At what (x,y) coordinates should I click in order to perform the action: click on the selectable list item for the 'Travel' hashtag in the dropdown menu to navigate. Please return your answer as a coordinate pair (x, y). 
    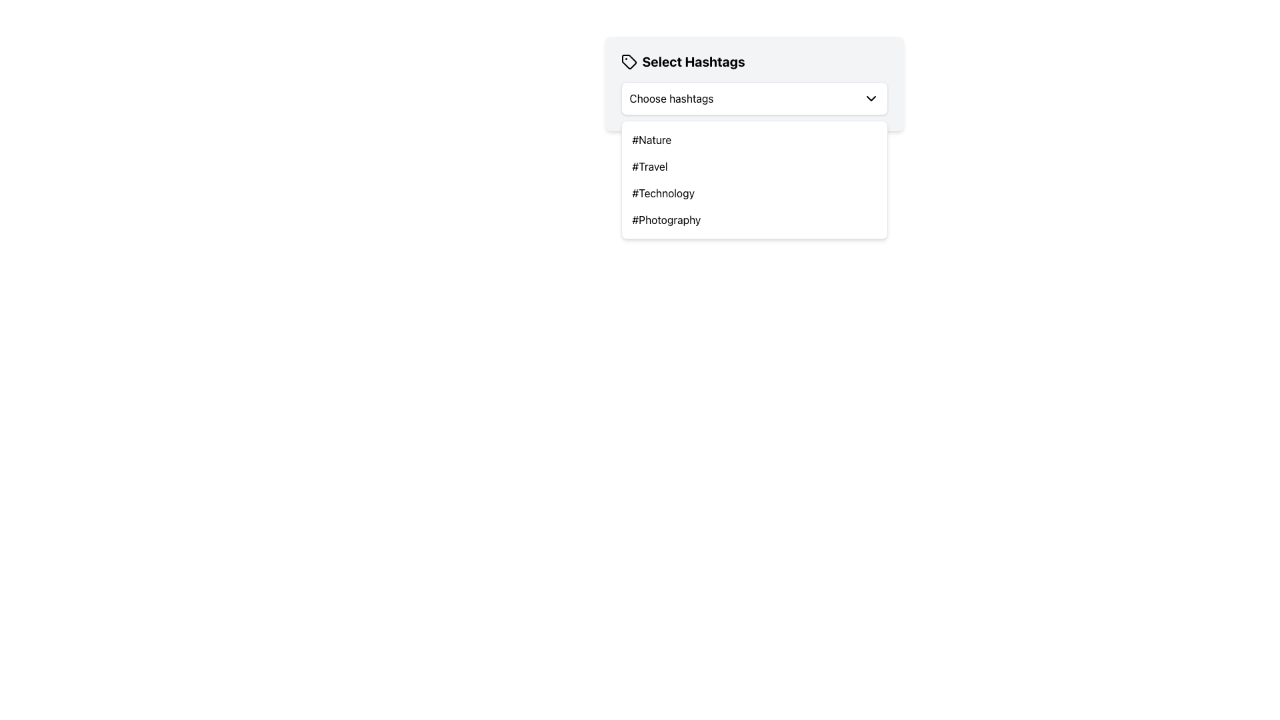
    Looking at the image, I should click on (754, 166).